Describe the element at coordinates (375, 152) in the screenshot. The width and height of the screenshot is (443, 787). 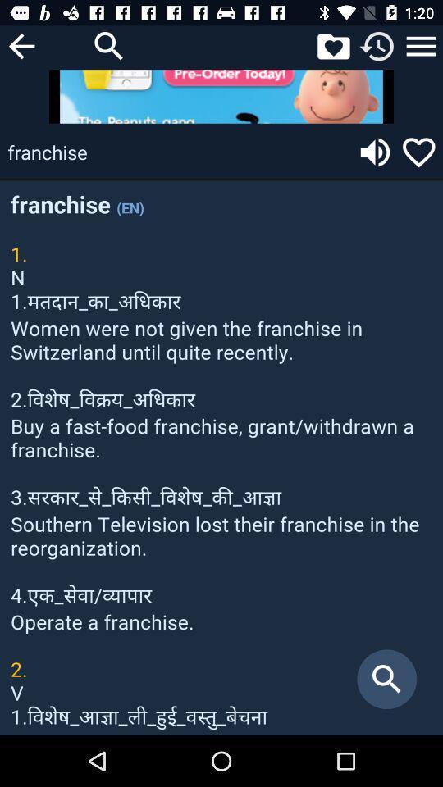
I see `the volume` at that location.